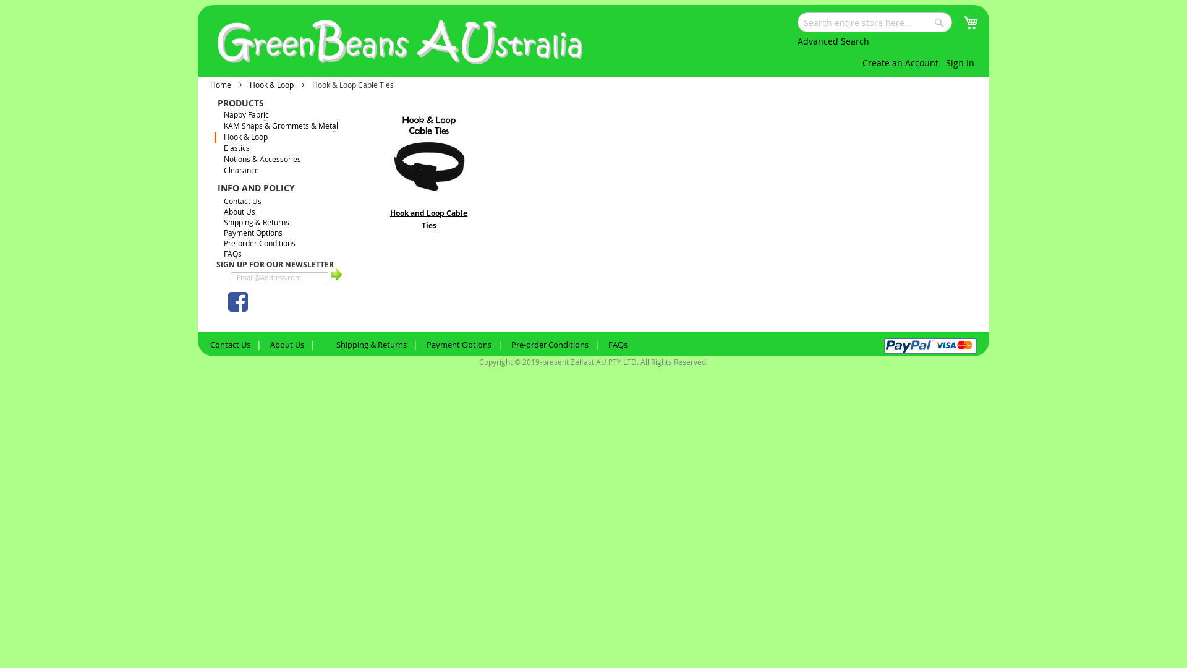  What do you see at coordinates (961, 62) in the screenshot?
I see `'Sign In'` at bounding box center [961, 62].